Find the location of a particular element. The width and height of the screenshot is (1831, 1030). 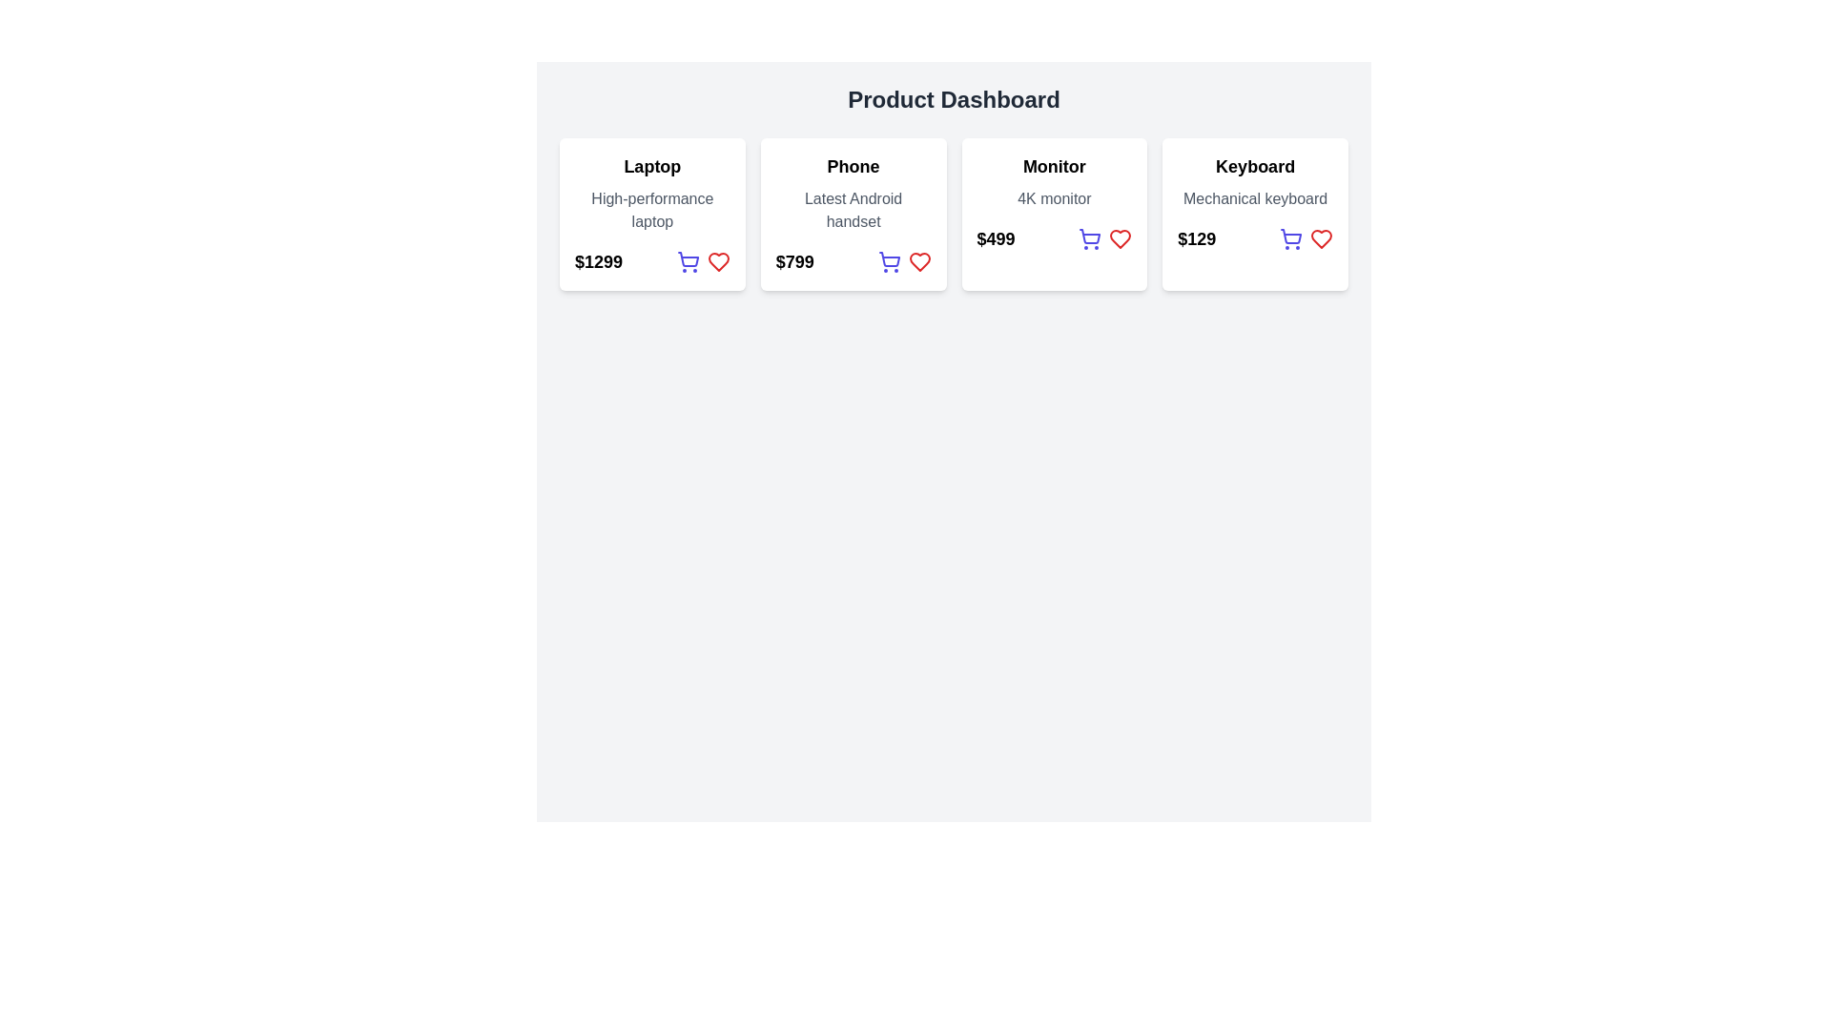

the text label that provides a brief descriptive detail about the product, located below the 'Laptop' heading in the card interface is located at coordinates (652, 210).